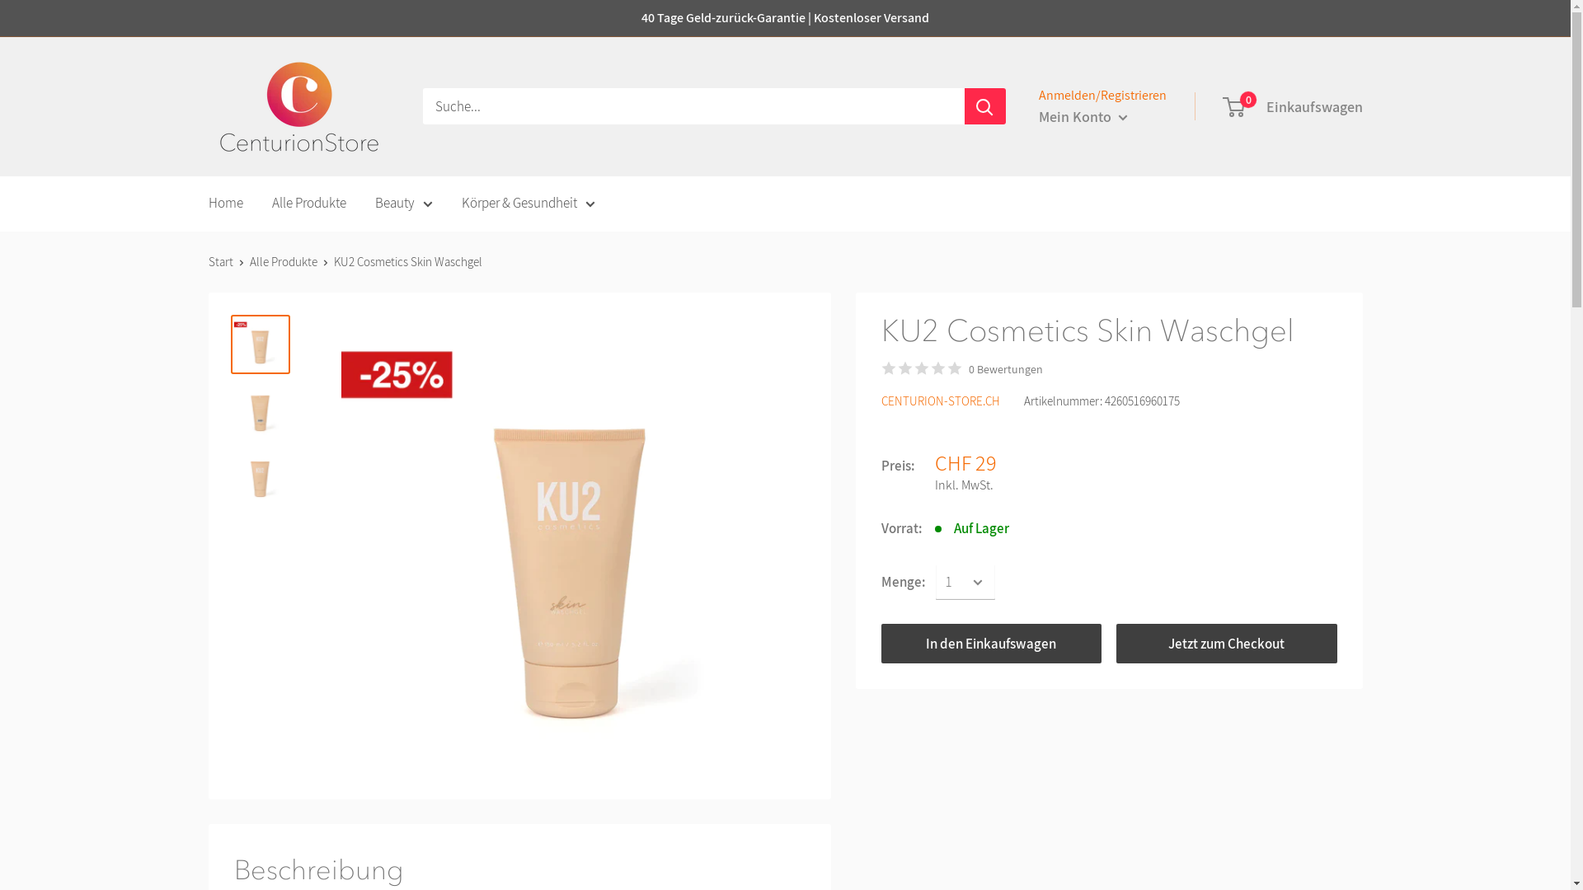 The height and width of the screenshot is (890, 1583). I want to click on 'CENTURION-STORE.CH', so click(940, 400).